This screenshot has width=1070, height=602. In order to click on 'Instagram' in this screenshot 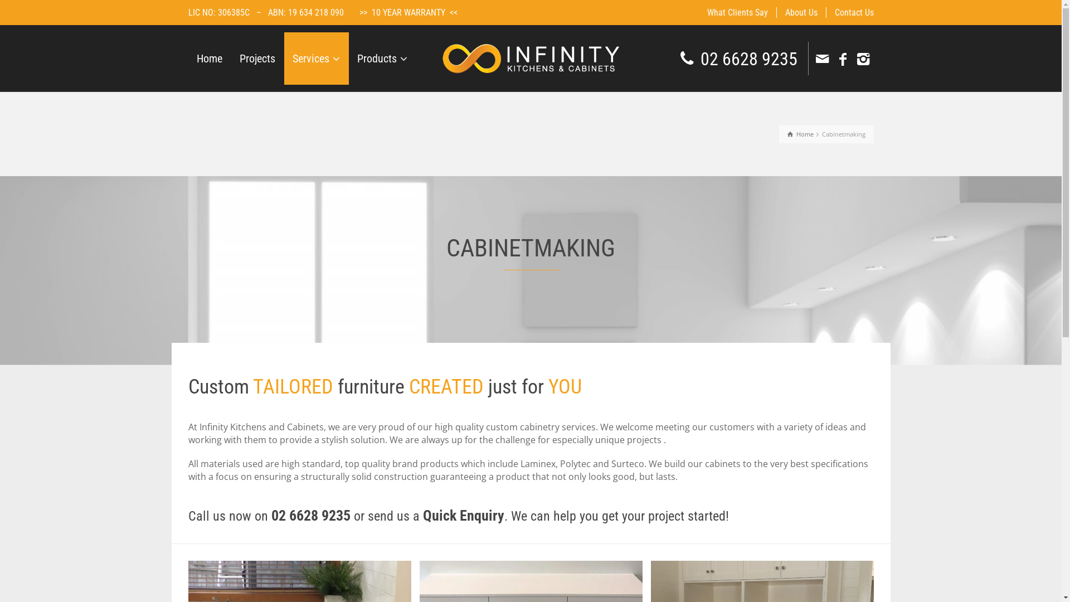, I will do `click(864, 59)`.